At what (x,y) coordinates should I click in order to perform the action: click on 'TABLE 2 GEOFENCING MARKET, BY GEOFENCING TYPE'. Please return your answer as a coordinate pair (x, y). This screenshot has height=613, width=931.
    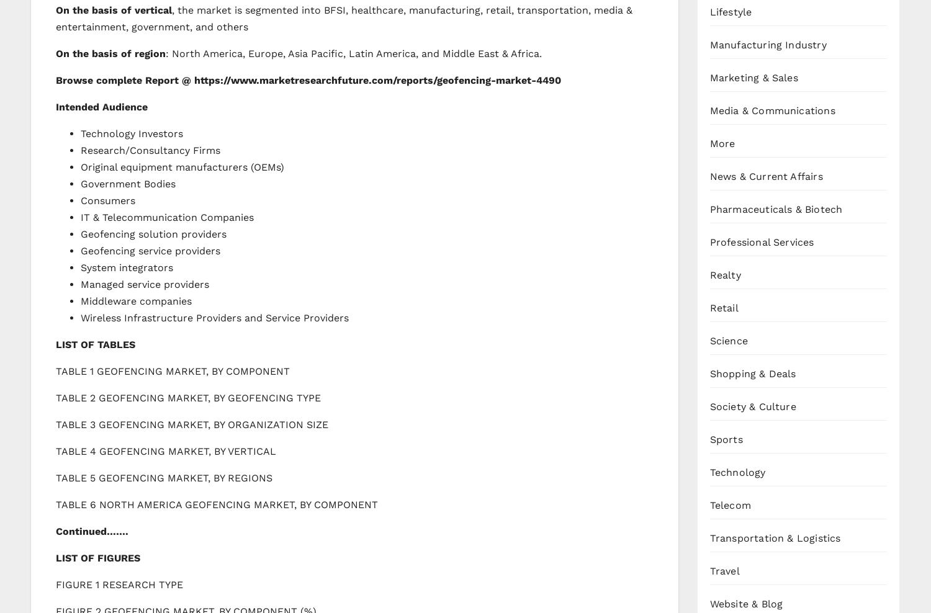
    Looking at the image, I should click on (188, 396).